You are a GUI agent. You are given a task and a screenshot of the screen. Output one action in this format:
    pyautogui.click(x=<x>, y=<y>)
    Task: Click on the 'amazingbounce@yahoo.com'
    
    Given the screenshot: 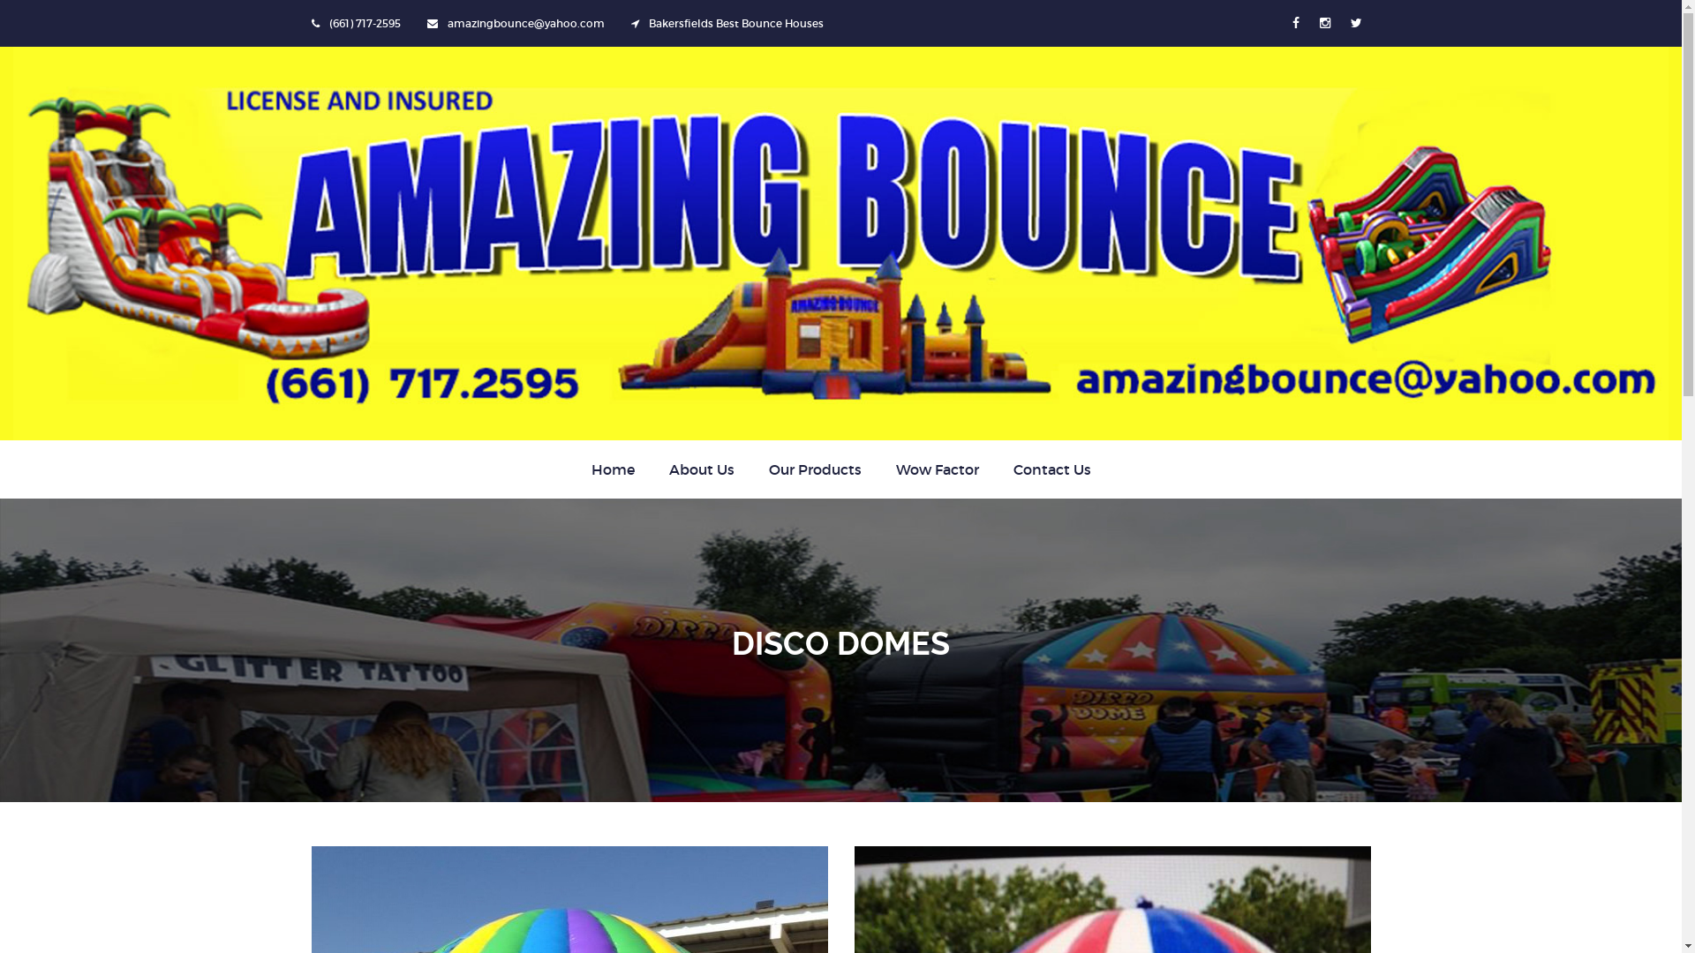 What is the action you would take?
    pyautogui.click(x=524, y=23)
    